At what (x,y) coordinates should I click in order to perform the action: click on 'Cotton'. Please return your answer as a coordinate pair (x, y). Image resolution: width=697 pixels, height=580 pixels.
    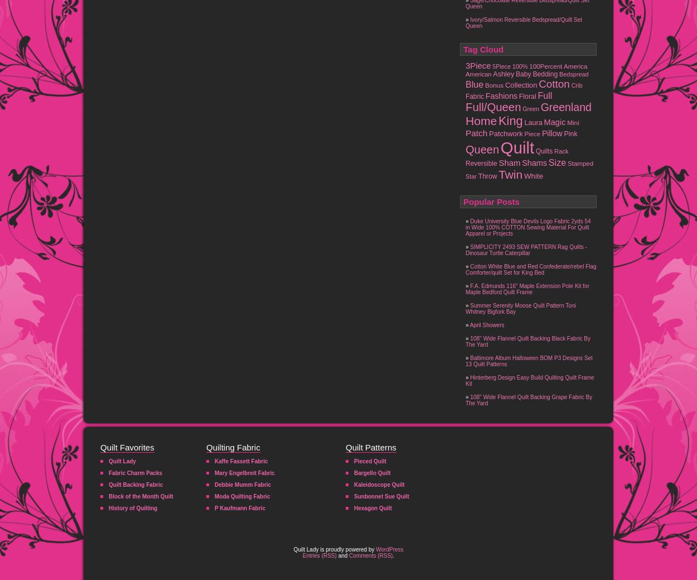
    Looking at the image, I should click on (538, 83).